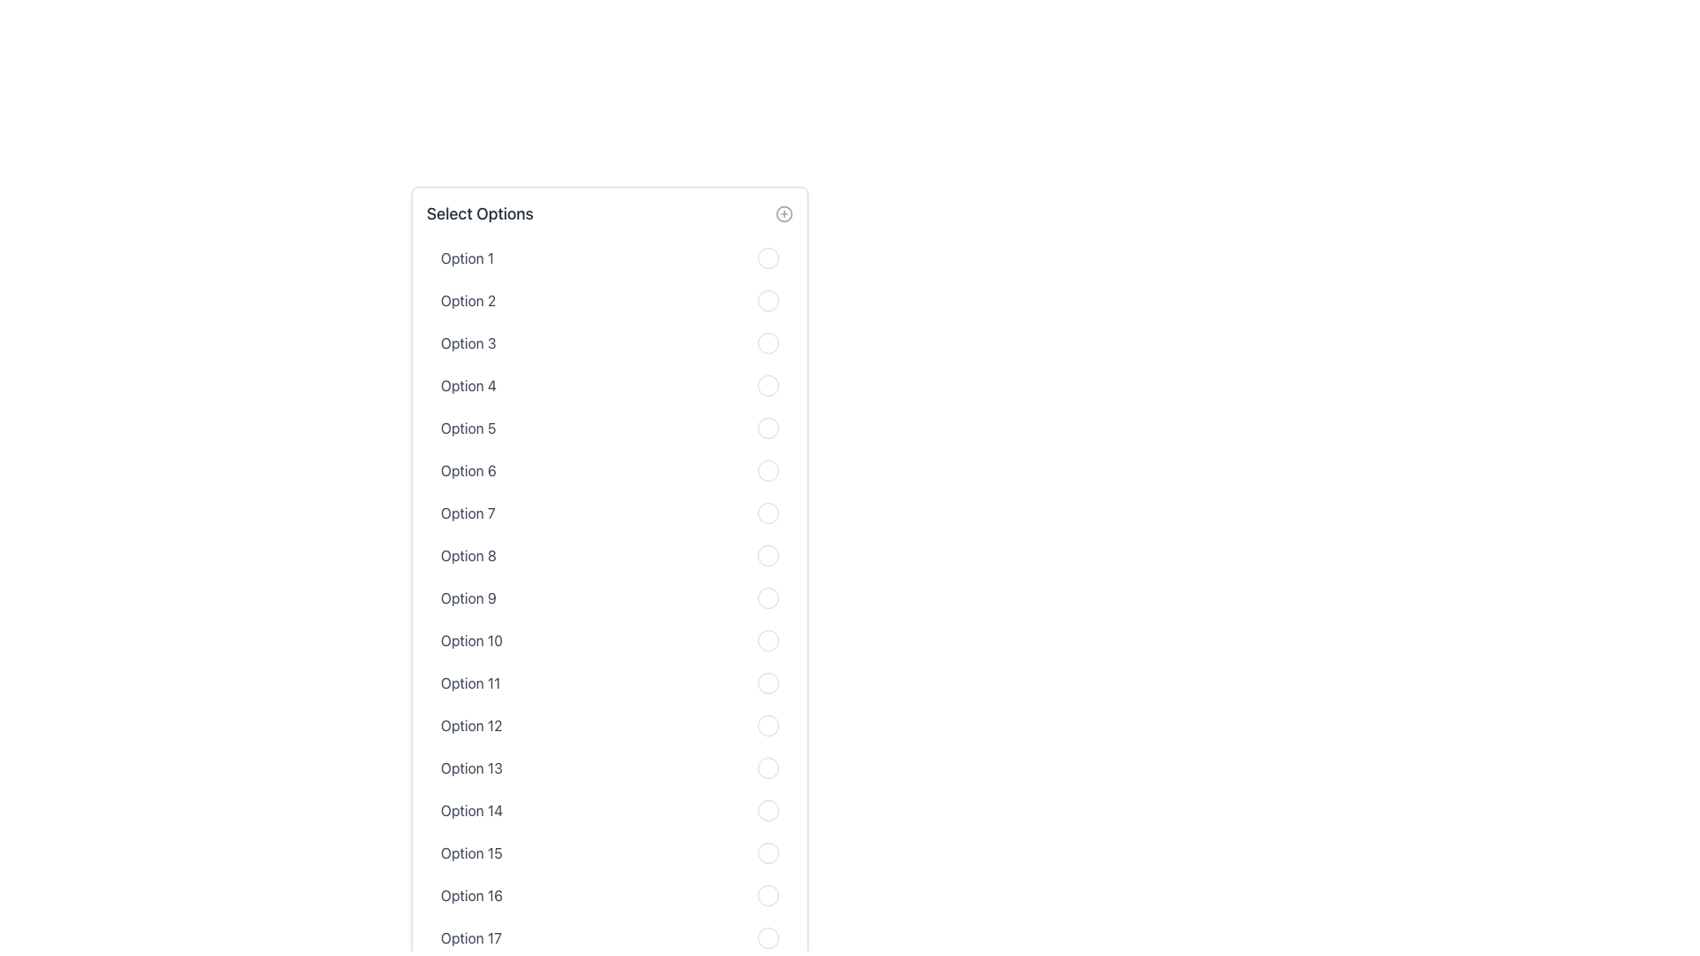  I want to click on contents of the static text label for the second option in the list under the header 'Select Options'. This label is located directly below 'Option 1' and above 'Option 3', and is adjacent to a circular selection indicator, so click(468, 299).